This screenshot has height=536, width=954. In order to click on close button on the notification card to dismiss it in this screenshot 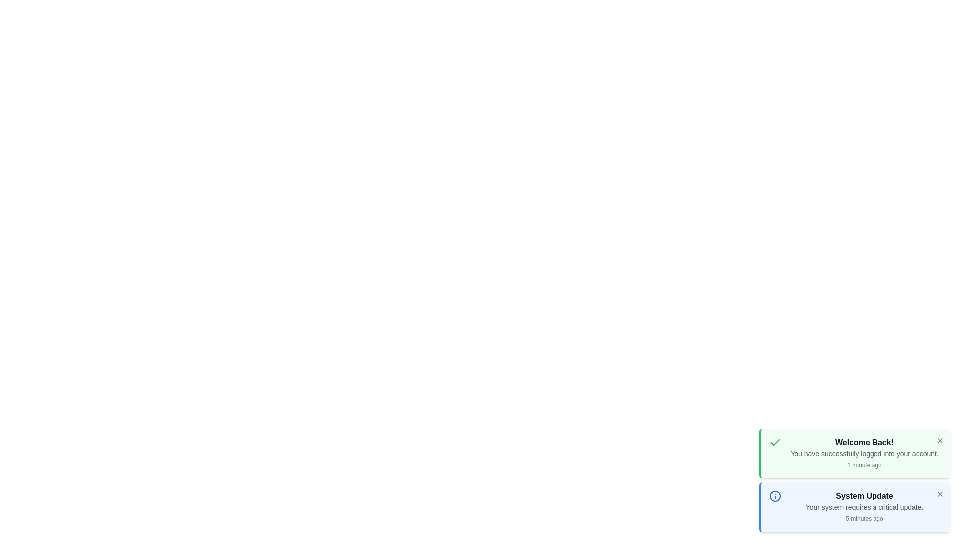, I will do `click(939, 440)`.